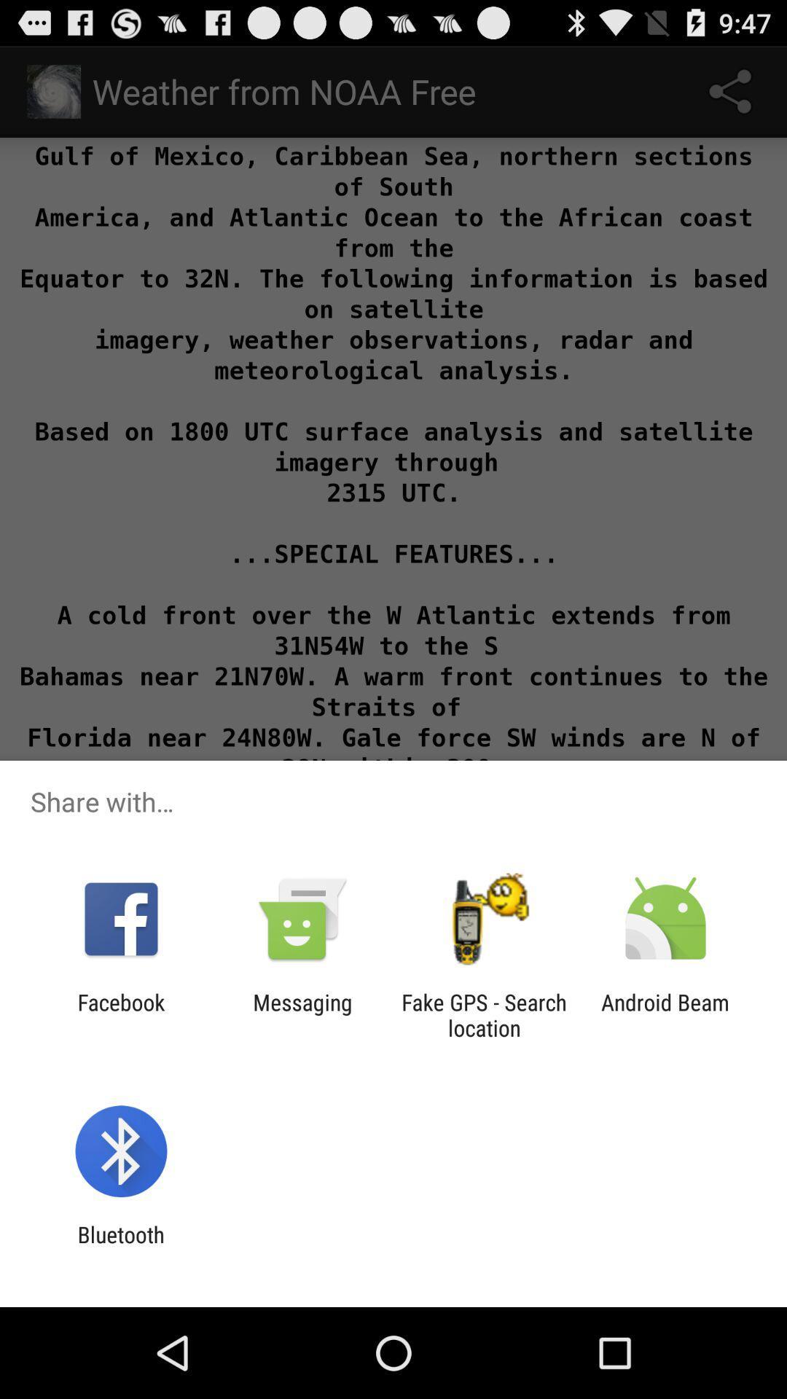  Describe the element at coordinates (302, 1014) in the screenshot. I see `the item next to the facebook icon` at that location.